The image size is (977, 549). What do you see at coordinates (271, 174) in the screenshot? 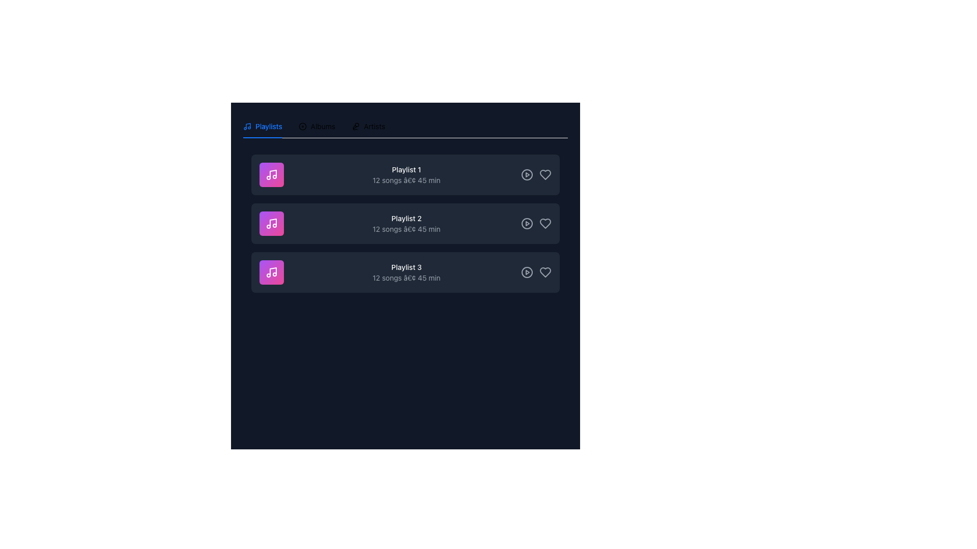
I see `the musical note icon styled in white with a gradient, located in the top-left corner of the first card of the playlist interface` at bounding box center [271, 174].